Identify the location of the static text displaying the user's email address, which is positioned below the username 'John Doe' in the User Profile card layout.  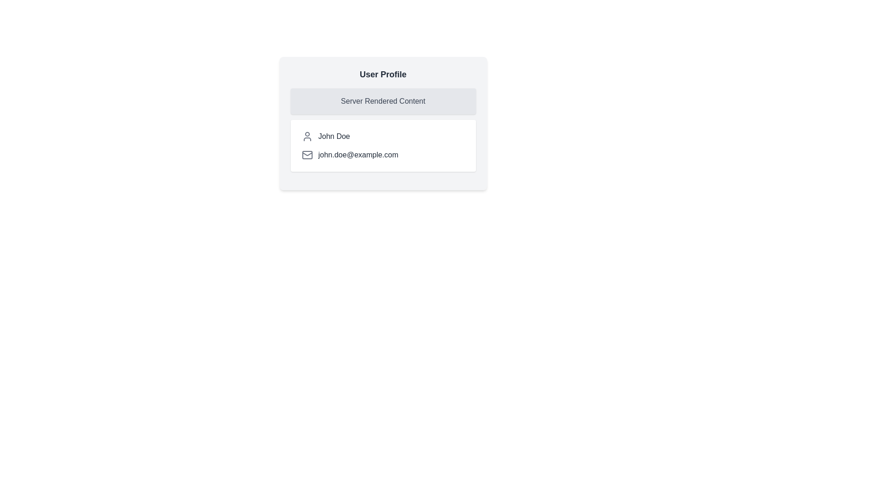
(357, 155).